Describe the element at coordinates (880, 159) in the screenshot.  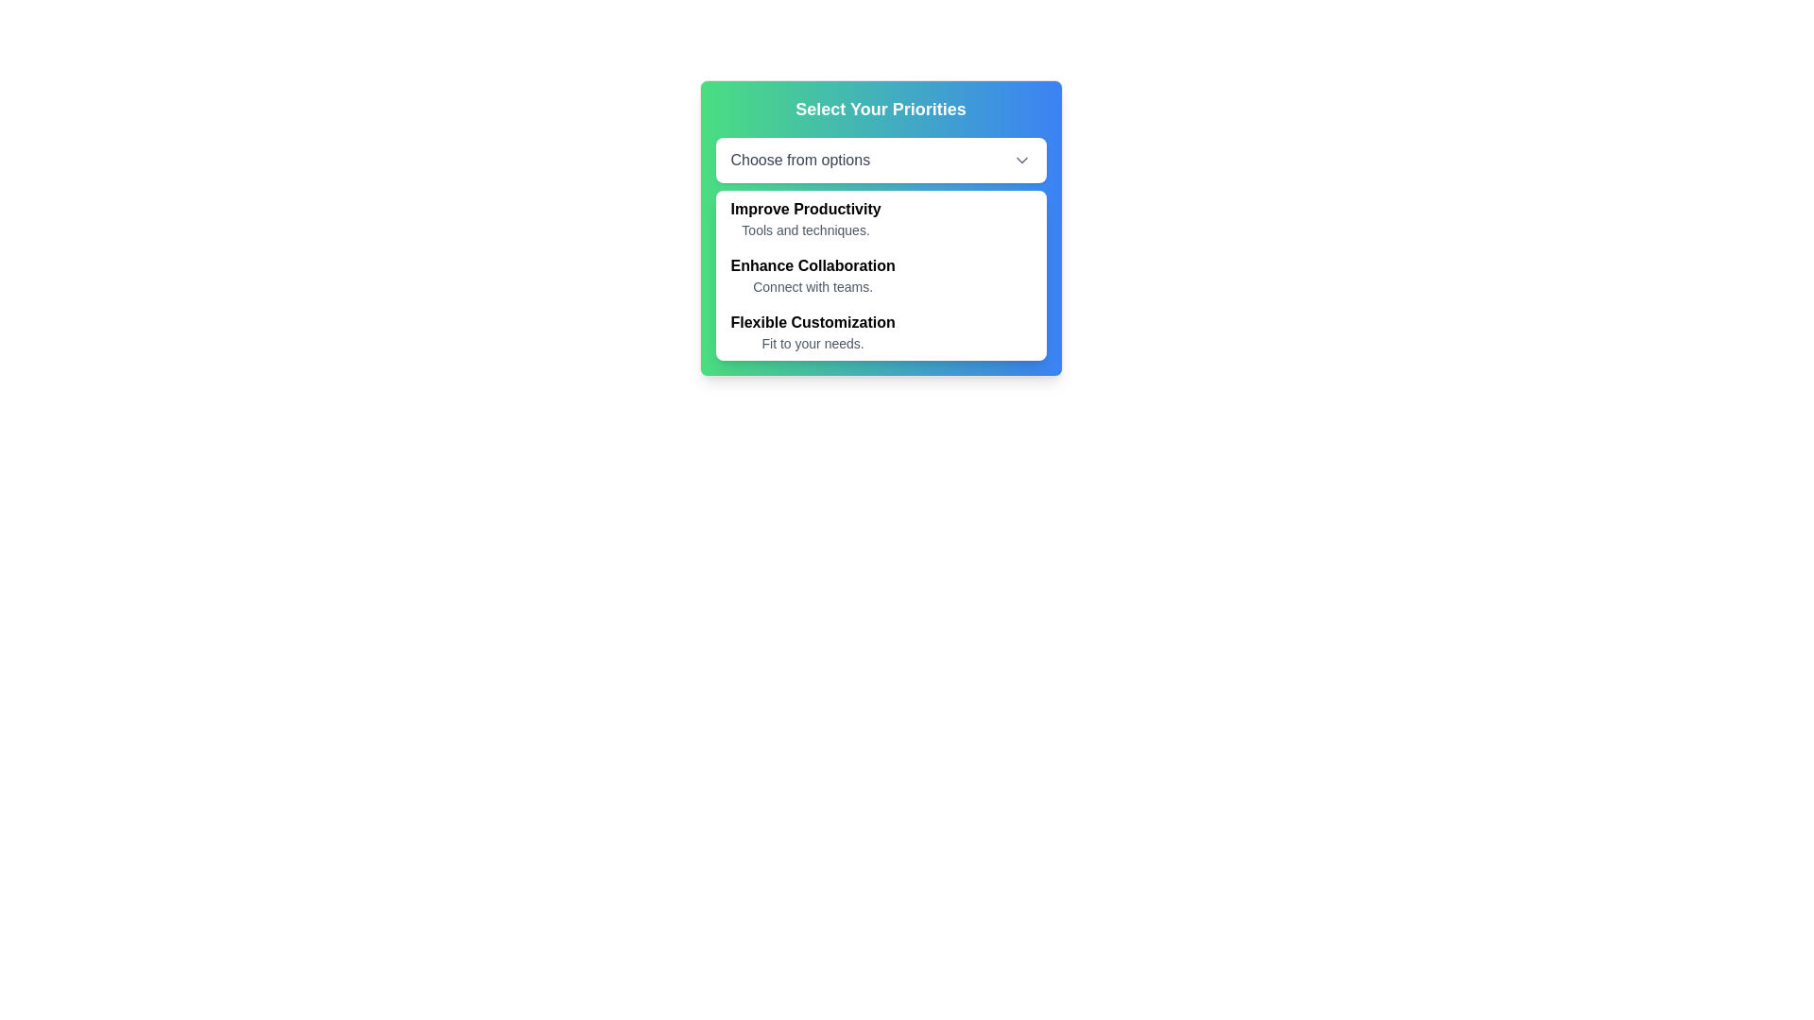
I see `the Dropdown trigger button labeled 'Choose from options'` at that location.